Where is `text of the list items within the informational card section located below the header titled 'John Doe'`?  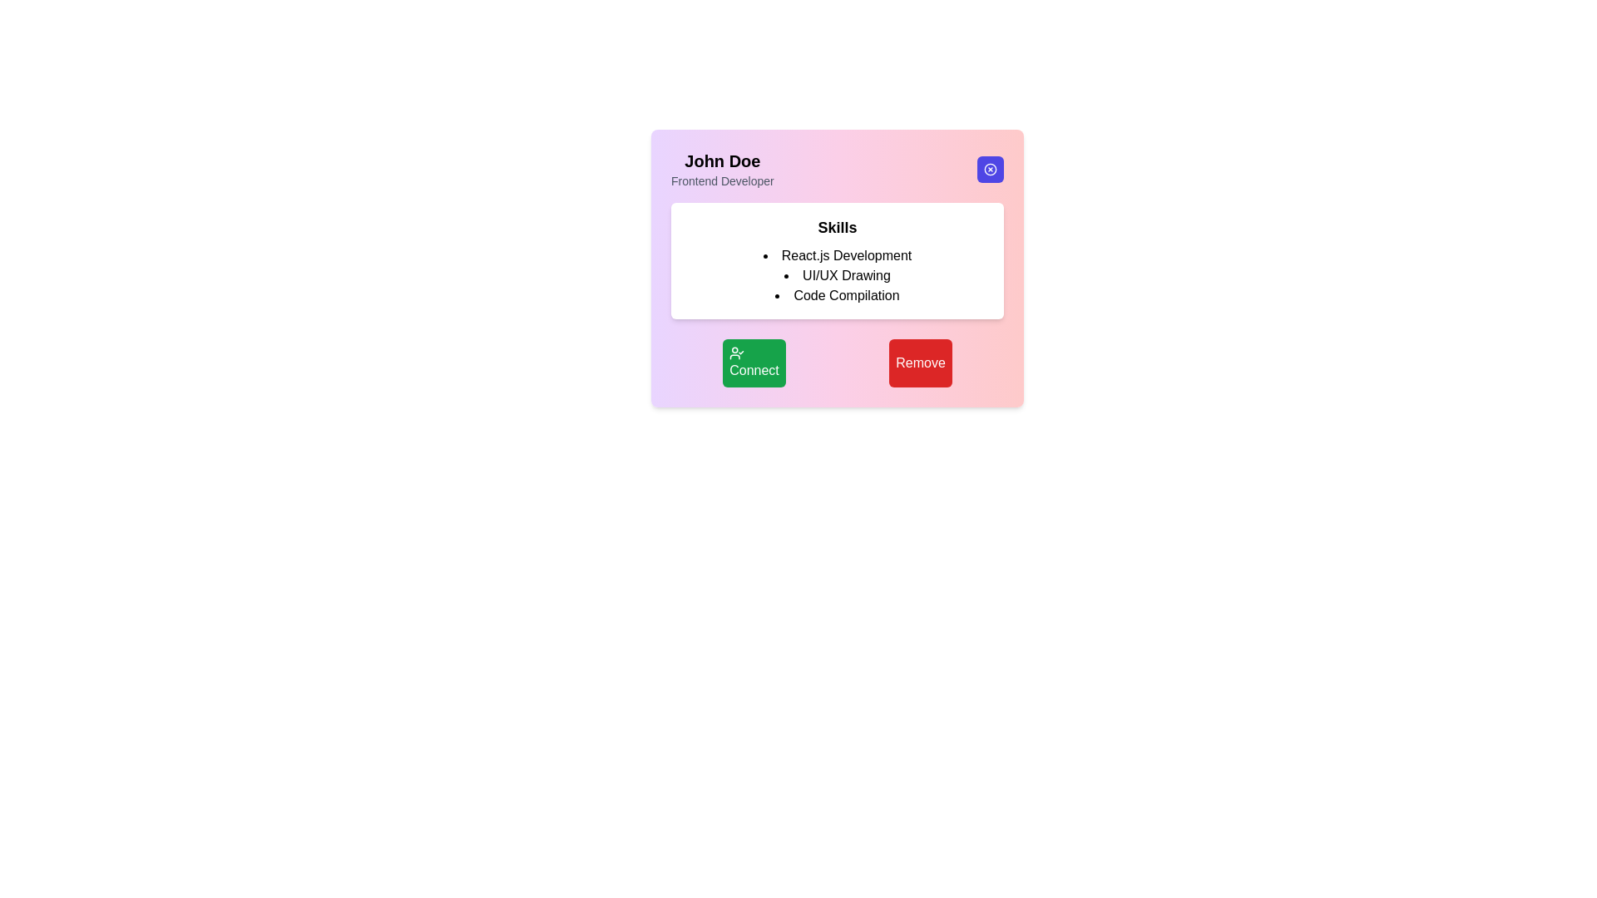 text of the list items within the informational card section located below the header titled 'John Doe' is located at coordinates (838, 260).